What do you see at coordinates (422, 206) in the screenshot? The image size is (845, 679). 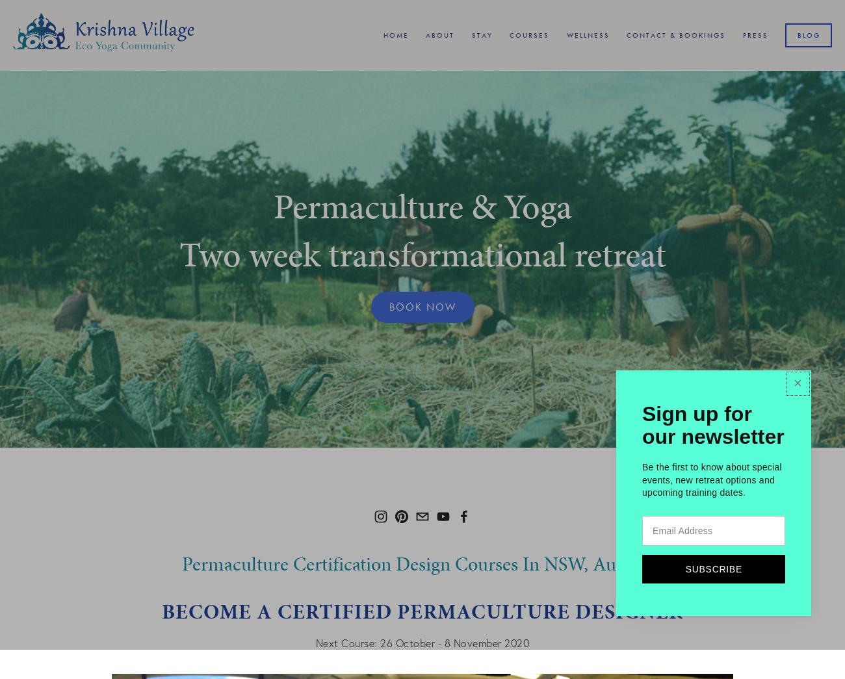 I see `'Permaculture & Yoga'` at bounding box center [422, 206].